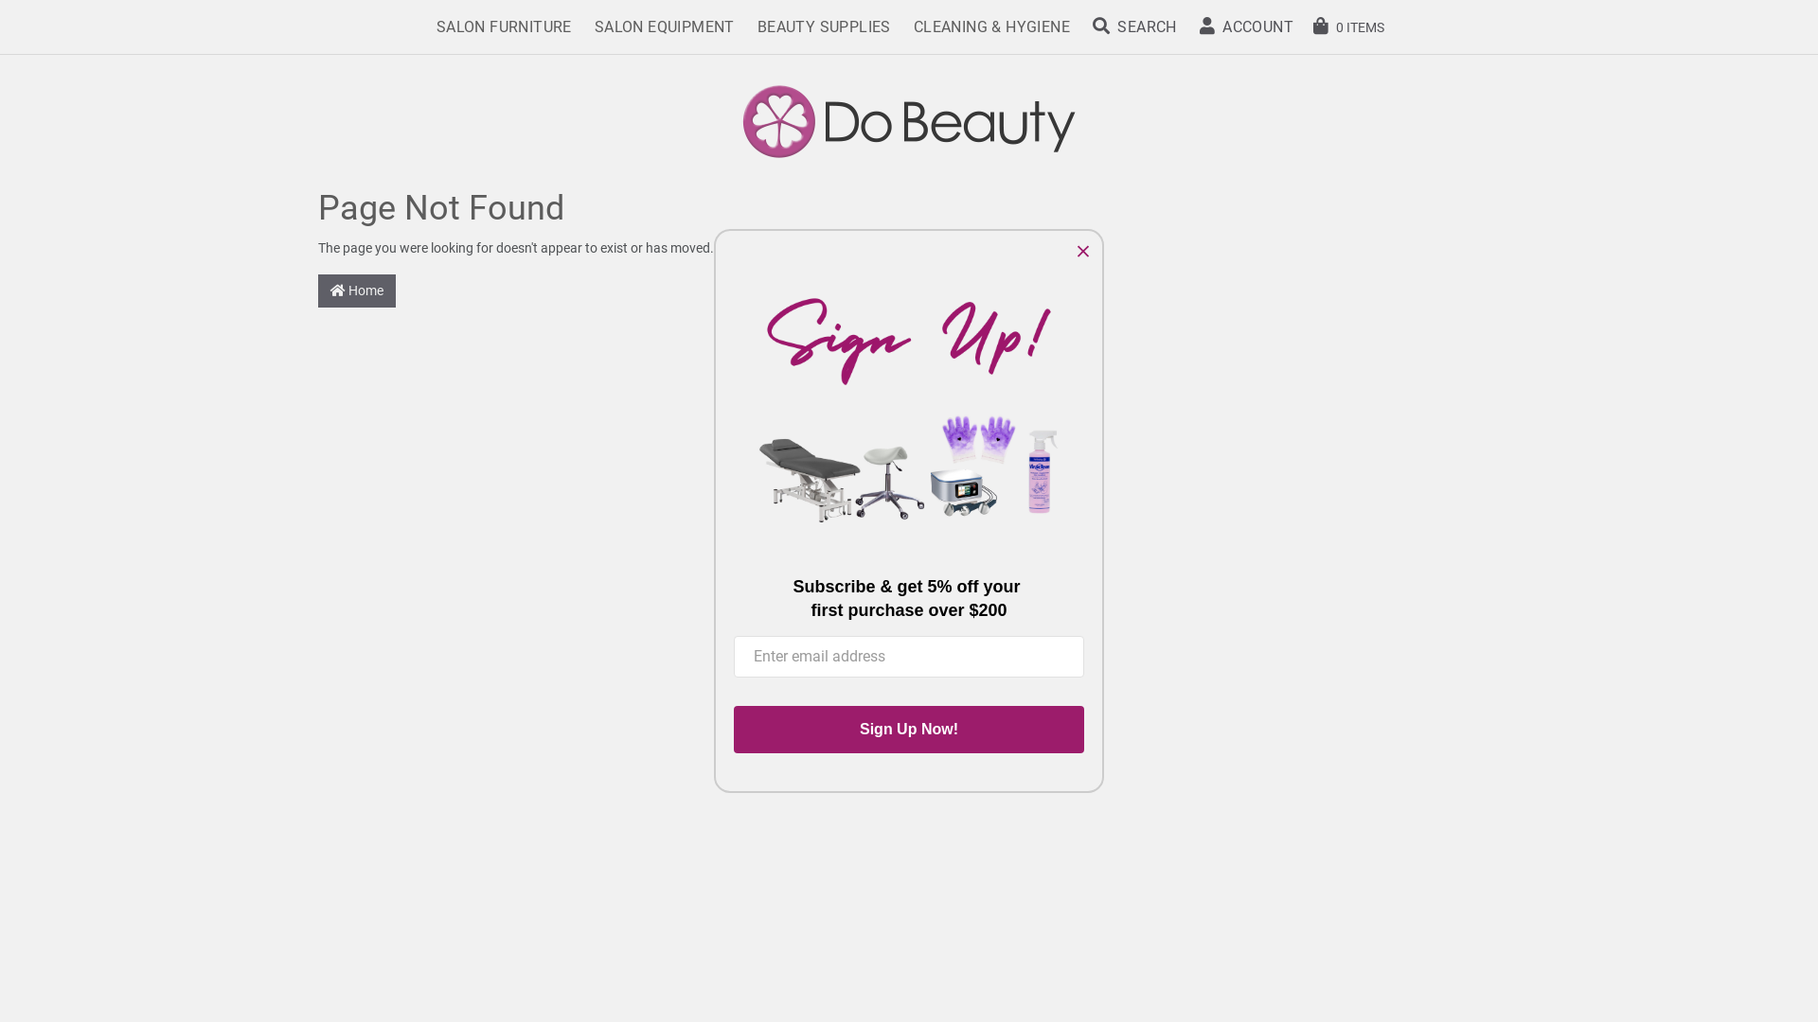 The height and width of the screenshot is (1022, 1818). What do you see at coordinates (744, 27) in the screenshot?
I see `'BEAUTY SUPPLIES'` at bounding box center [744, 27].